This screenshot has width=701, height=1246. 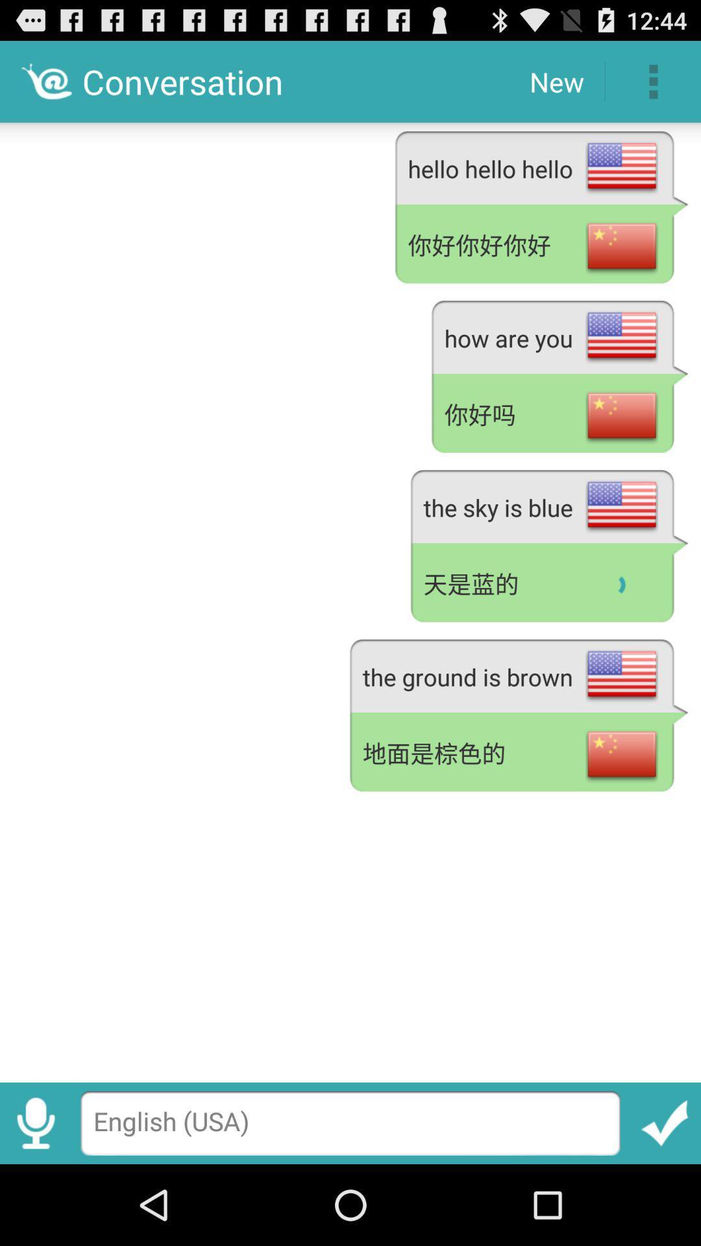 I want to click on how are you item, so click(x=559, y=335).